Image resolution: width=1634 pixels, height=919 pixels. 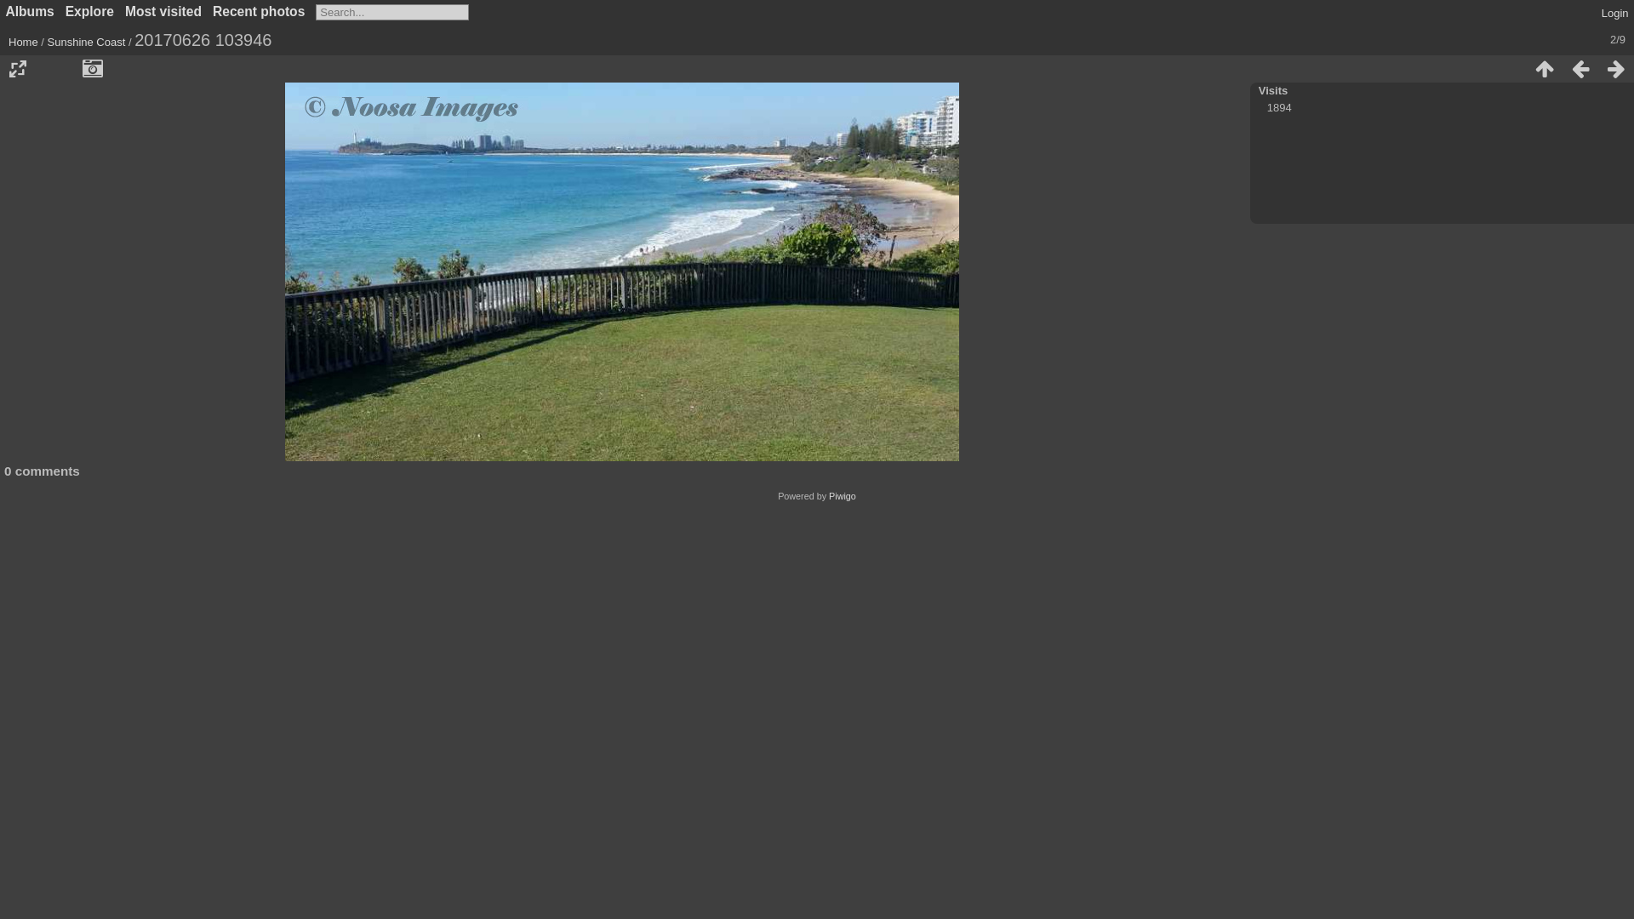 What do you see at coordinates (23, 41) in the screenshot?
I see `'Home'` at bounding box center [23, 41].